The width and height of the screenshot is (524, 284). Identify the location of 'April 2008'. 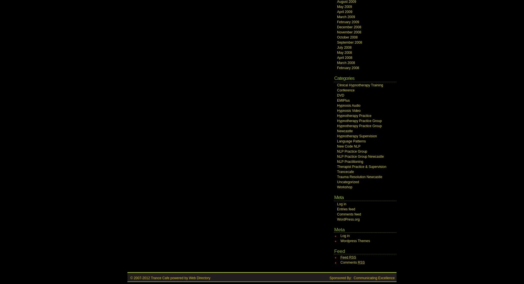
(336, 57).